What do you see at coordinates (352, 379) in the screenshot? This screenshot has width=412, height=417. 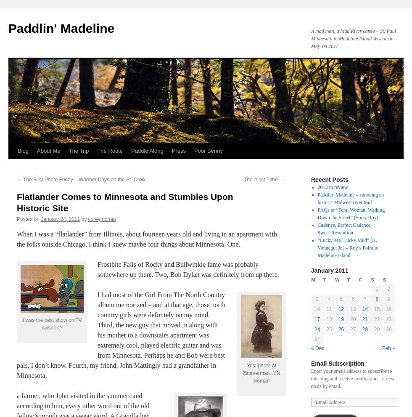 I see `'Enter your email address to subscribe to this blog and receive notifications of new posts by email.'` at bounding box center [352, 379].